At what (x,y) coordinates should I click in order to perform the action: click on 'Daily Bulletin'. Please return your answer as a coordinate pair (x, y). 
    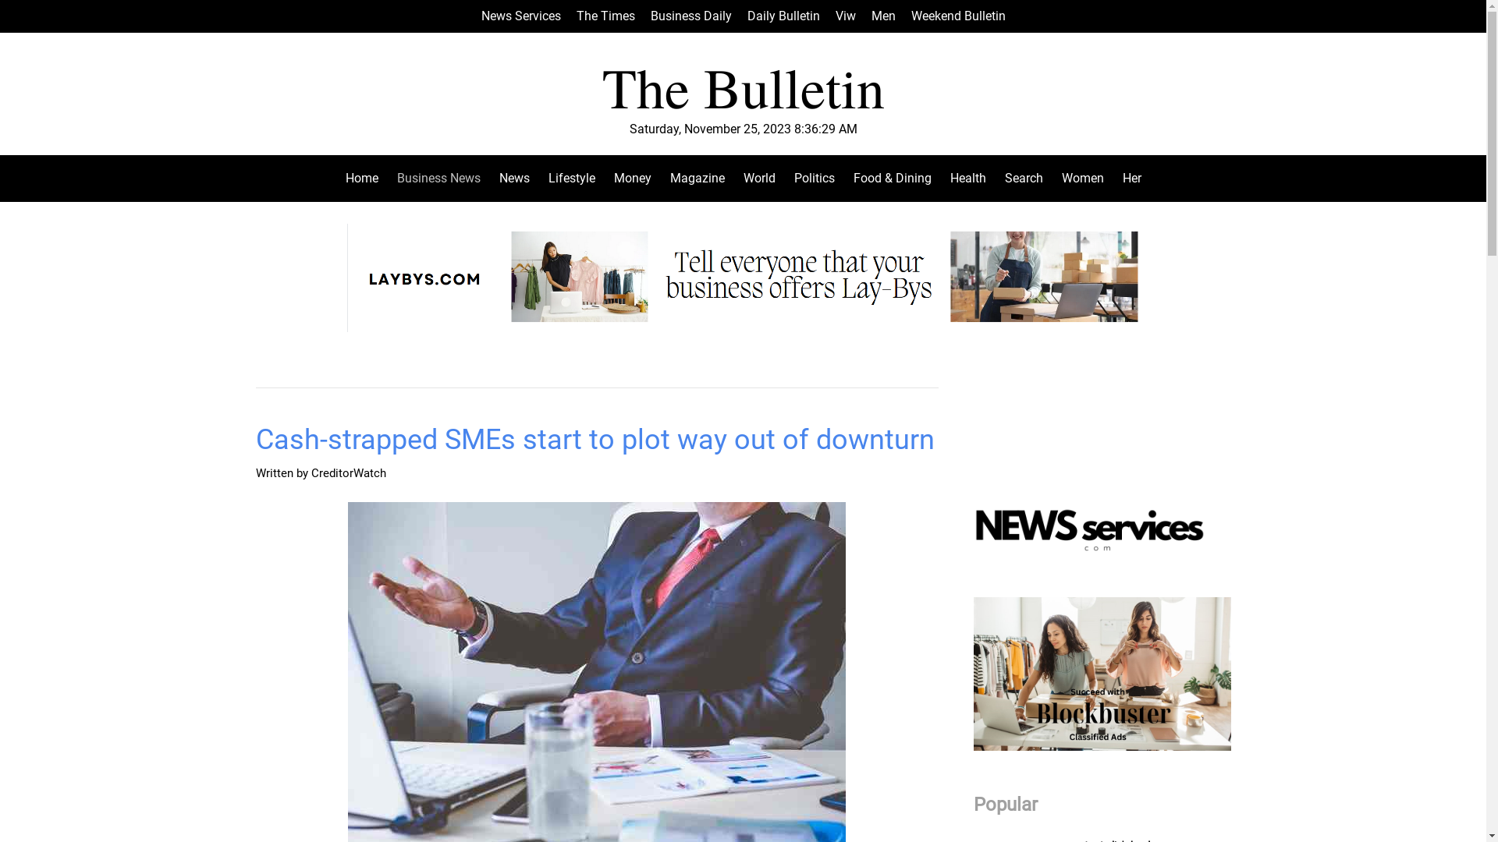
    Looking at the image, I should click on (783, 16).